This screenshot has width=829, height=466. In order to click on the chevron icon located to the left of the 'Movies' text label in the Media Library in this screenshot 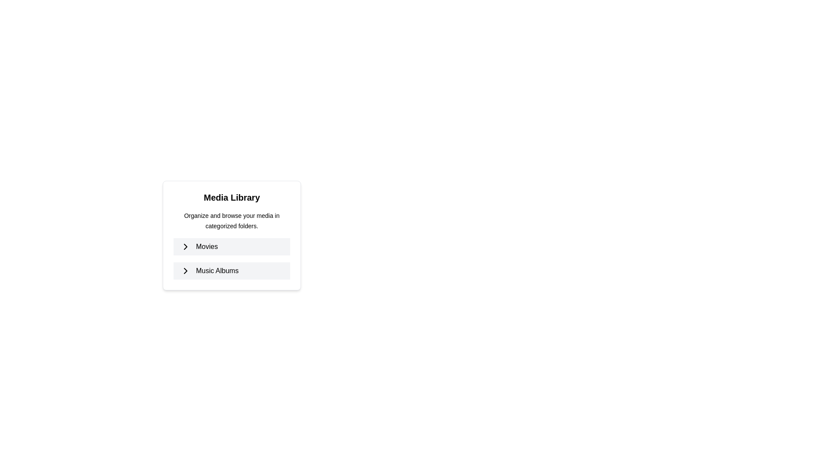, I will do `click(185, 246)`.